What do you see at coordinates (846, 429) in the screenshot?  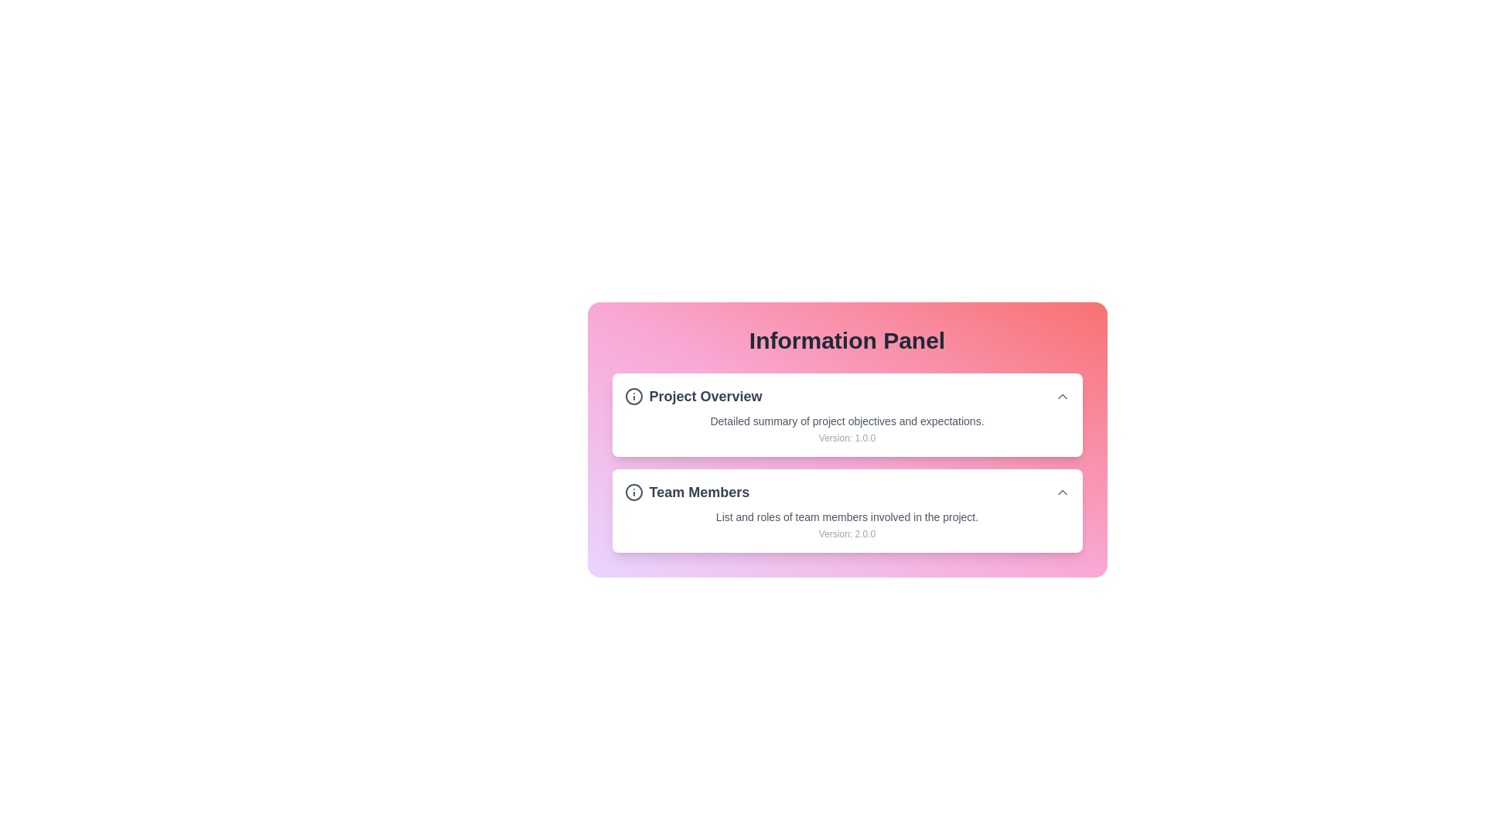 I see `the informative text block located in the lower part of the 'Project Overview' card, just below the title text 'Project Overview'` at bounding box center [846, 429].